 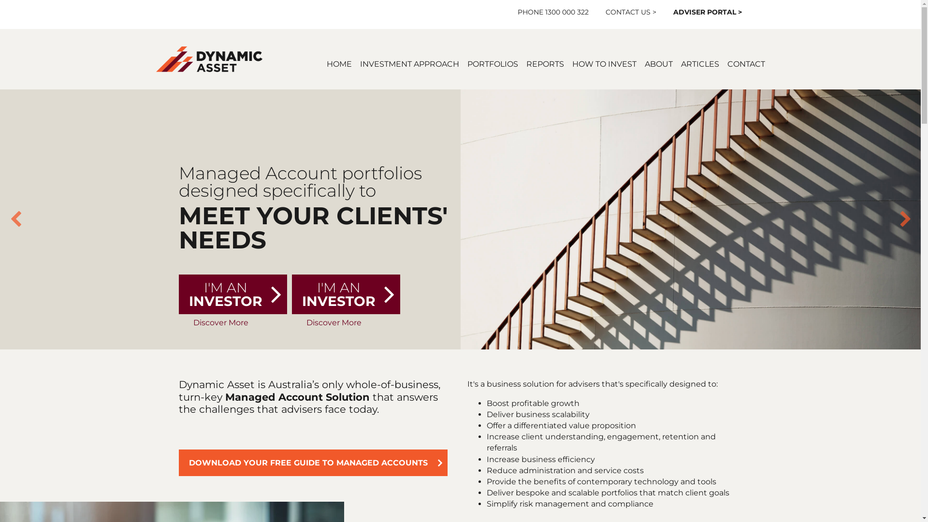 I want to click on 'INVESTMENT APPROACH', so click(x=409, y=64).